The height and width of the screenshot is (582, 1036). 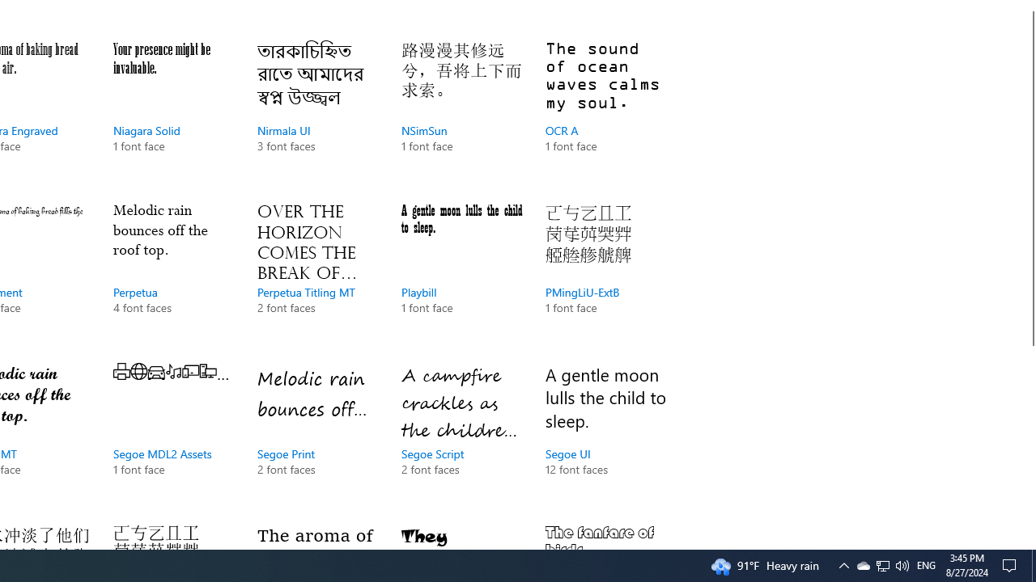 I want to click on 'Segoe Script, 2 font faces', so click(x=461, y=436).